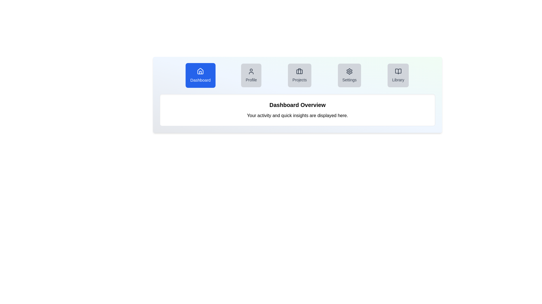 The height and width of the screenshot is (304, 542). I want to click on the 'Dashboard' icon-based button located at the top of the interface, so click(200, 71).